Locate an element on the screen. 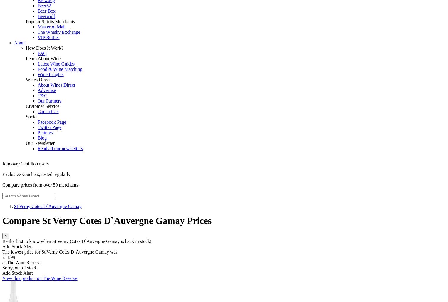 The image size is (448, 302). 'How Does It Work?' is located at coordinates (44, 48).